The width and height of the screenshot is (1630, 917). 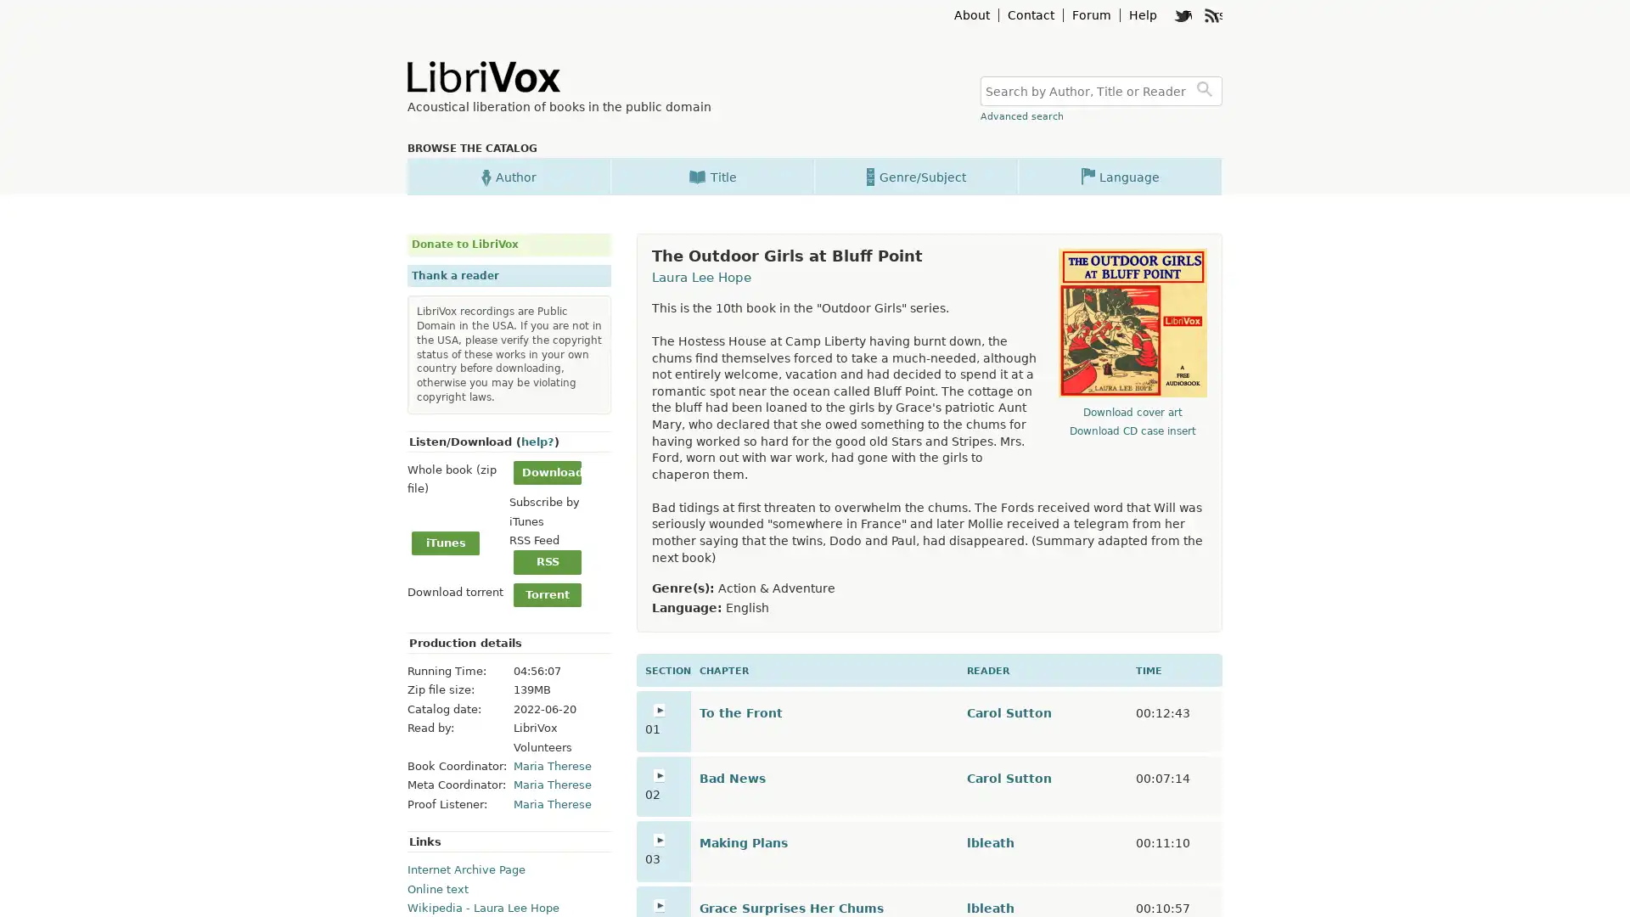 What do you see at coordinates (1206, 91) in the screenshot?
I see `Search` at bounding box center [1206, 91].